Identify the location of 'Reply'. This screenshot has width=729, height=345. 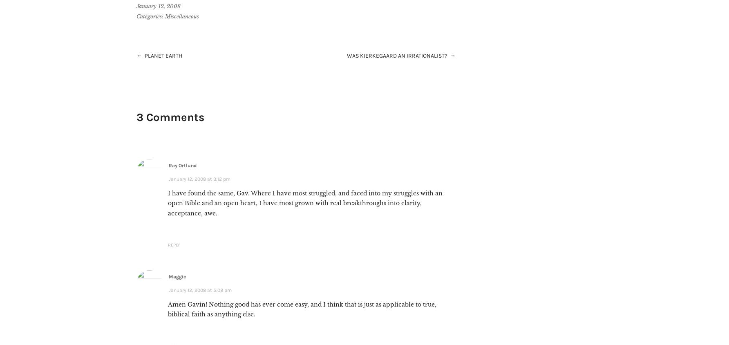
(173, 245).